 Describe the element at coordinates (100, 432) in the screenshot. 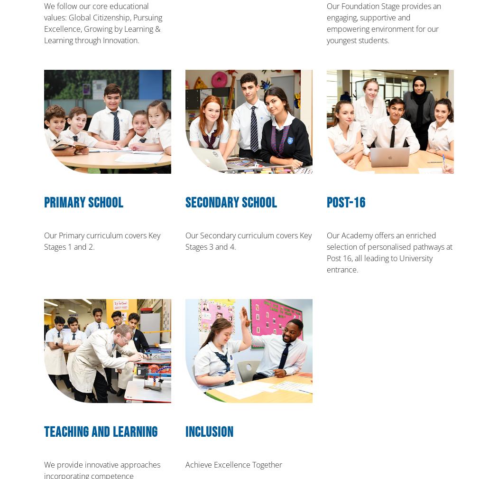

I see `'Teaching and Learning'` at that location.